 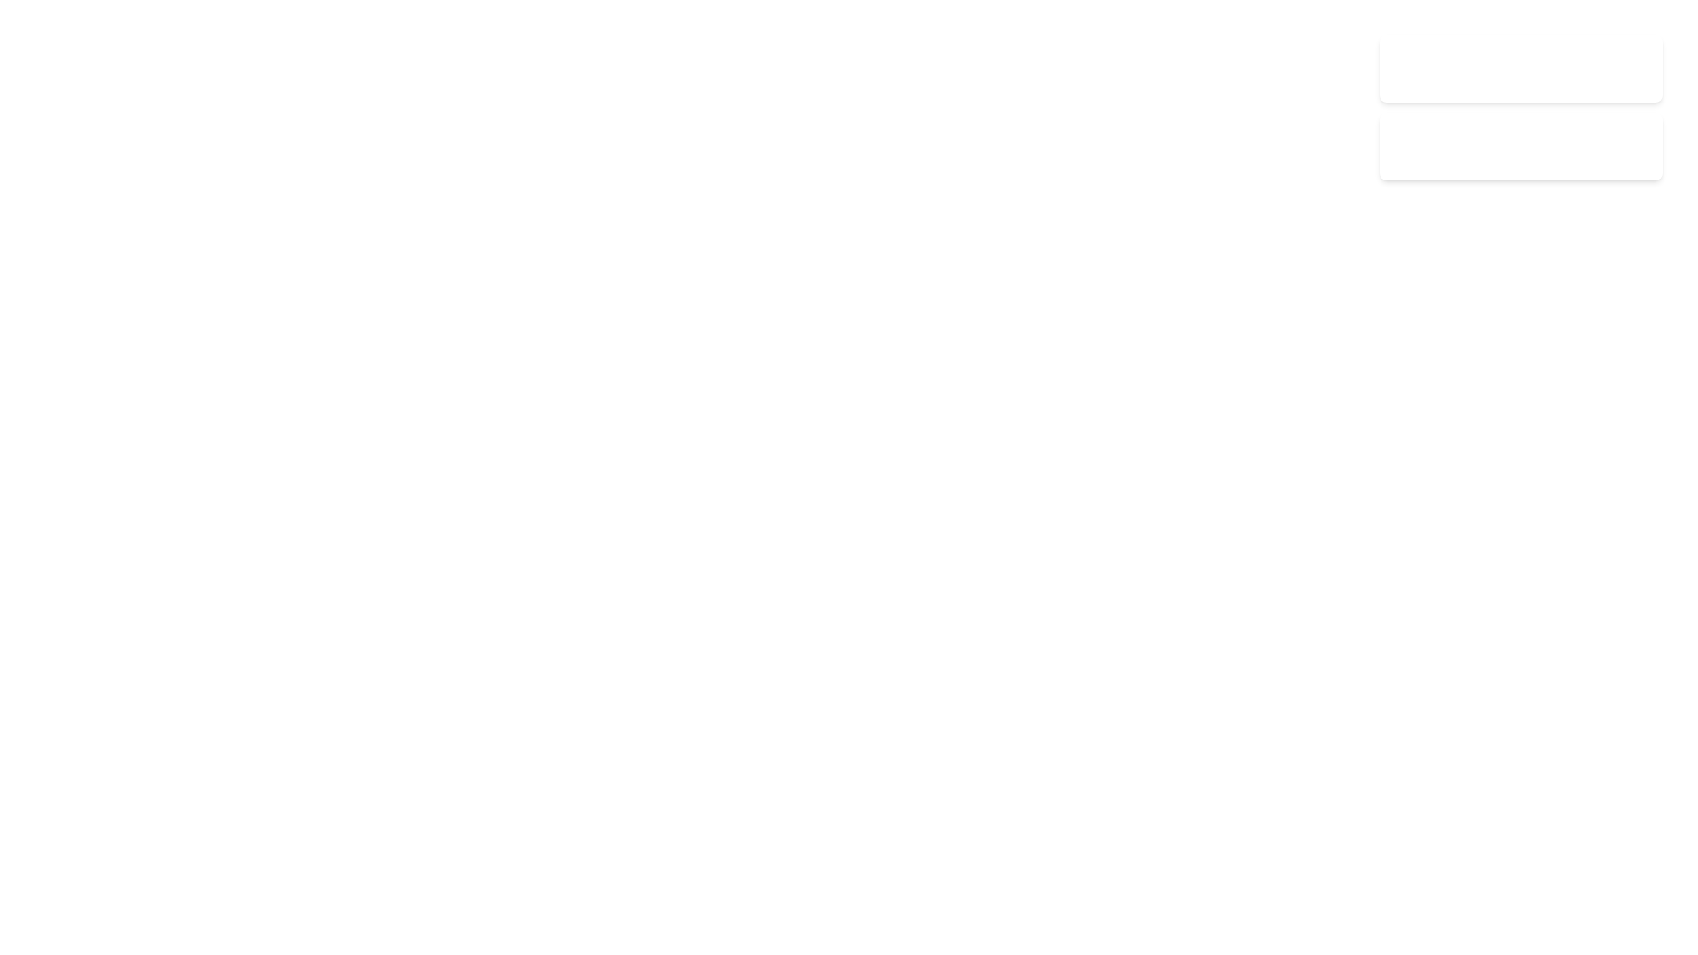 I want to click on the Close Button located at the top-right corner of the notification card that displays 'Profile updated successfully. 2m ago', so click(x=1638, y=67).